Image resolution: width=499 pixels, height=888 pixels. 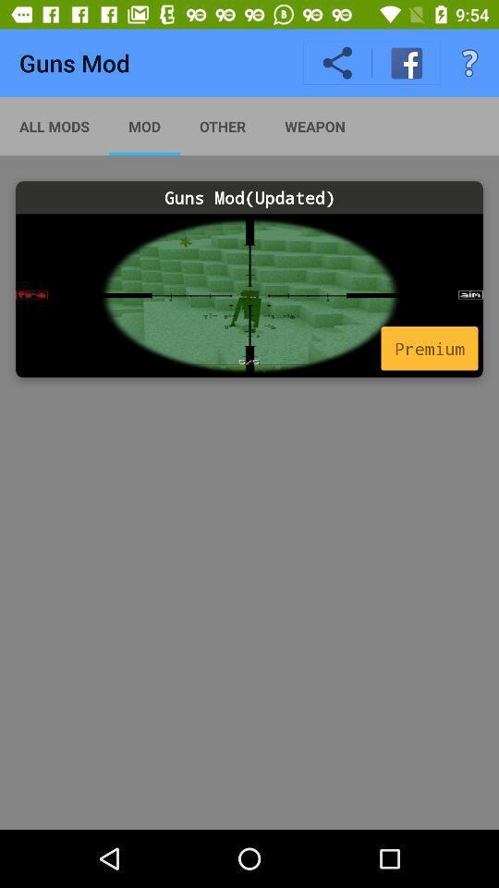 I want to click on mod, so click(x=249, y=295).